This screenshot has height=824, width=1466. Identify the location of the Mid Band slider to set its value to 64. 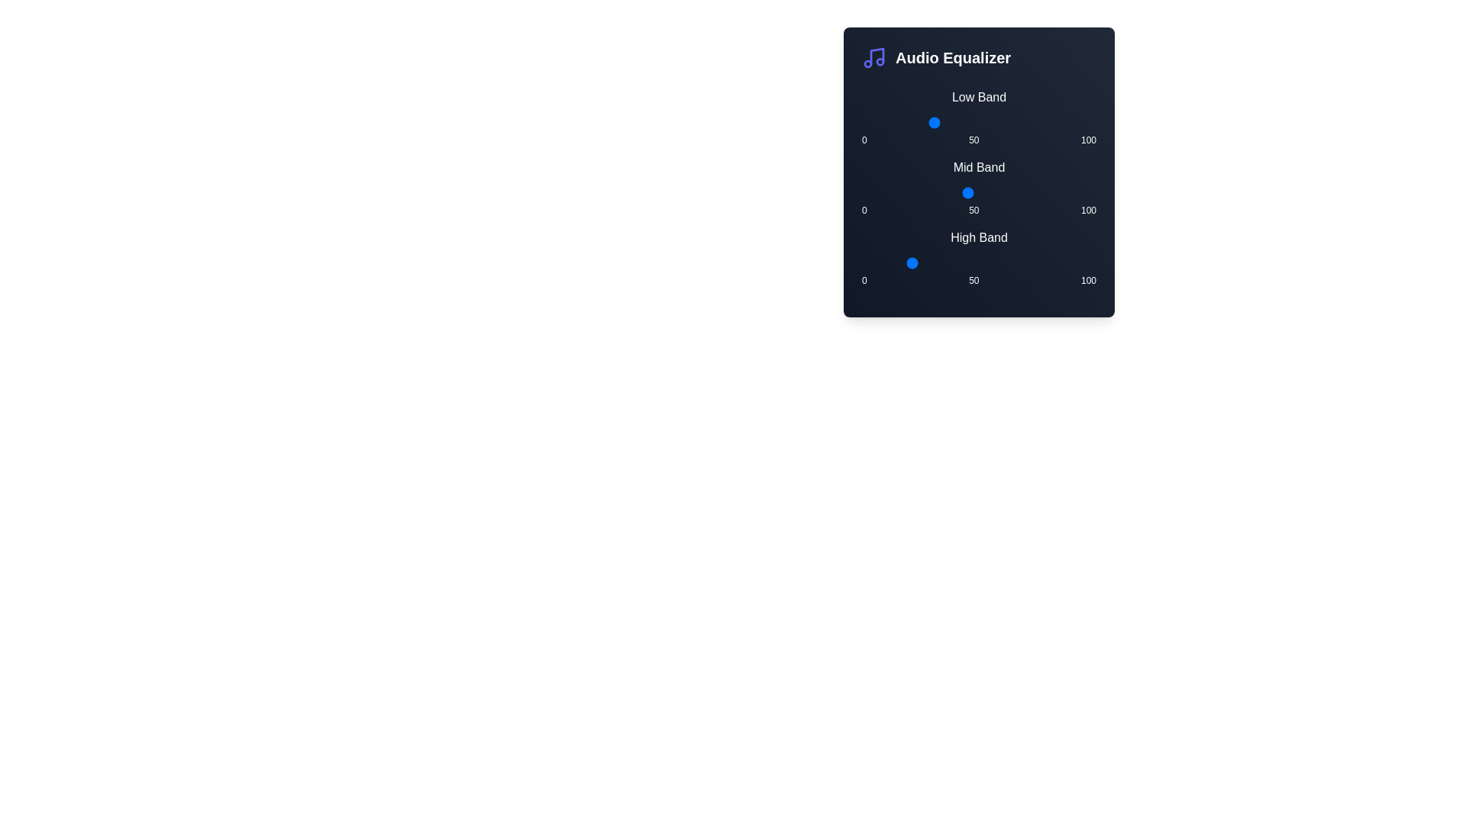
(1012, 192).